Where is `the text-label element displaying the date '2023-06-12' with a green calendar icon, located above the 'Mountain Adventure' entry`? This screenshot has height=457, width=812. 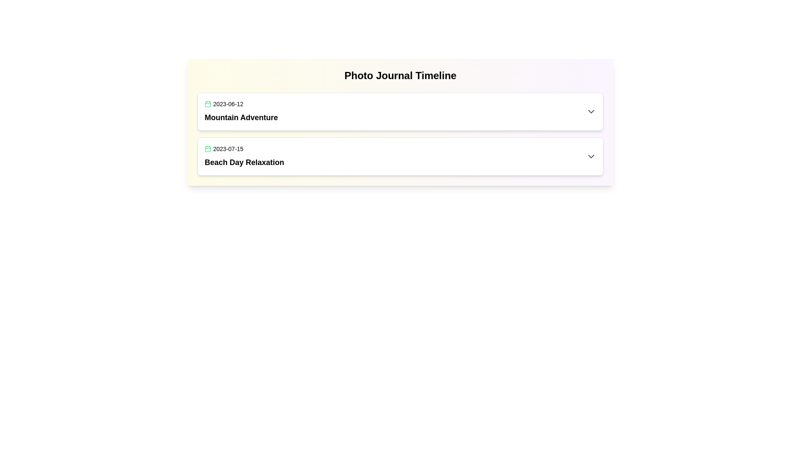
the text-label element displaying the date '2023-06-12' with a green calendar icon, located above the 'Mountain Adventure' entry is located at coordinates (241, 104).